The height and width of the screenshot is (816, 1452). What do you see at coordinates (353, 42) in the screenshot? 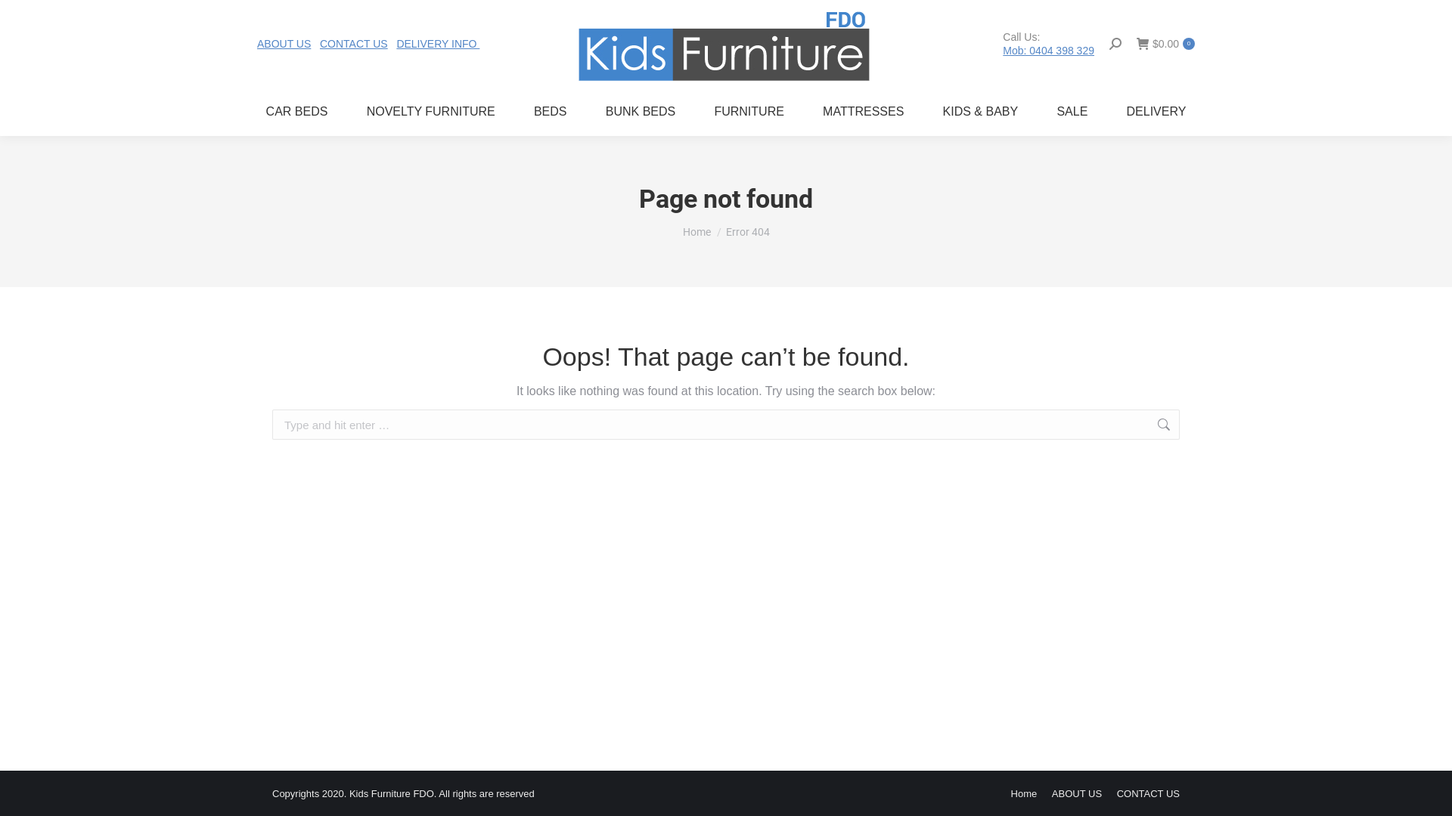
I see `'CONTACT US'` at bounding box center [353, 42].